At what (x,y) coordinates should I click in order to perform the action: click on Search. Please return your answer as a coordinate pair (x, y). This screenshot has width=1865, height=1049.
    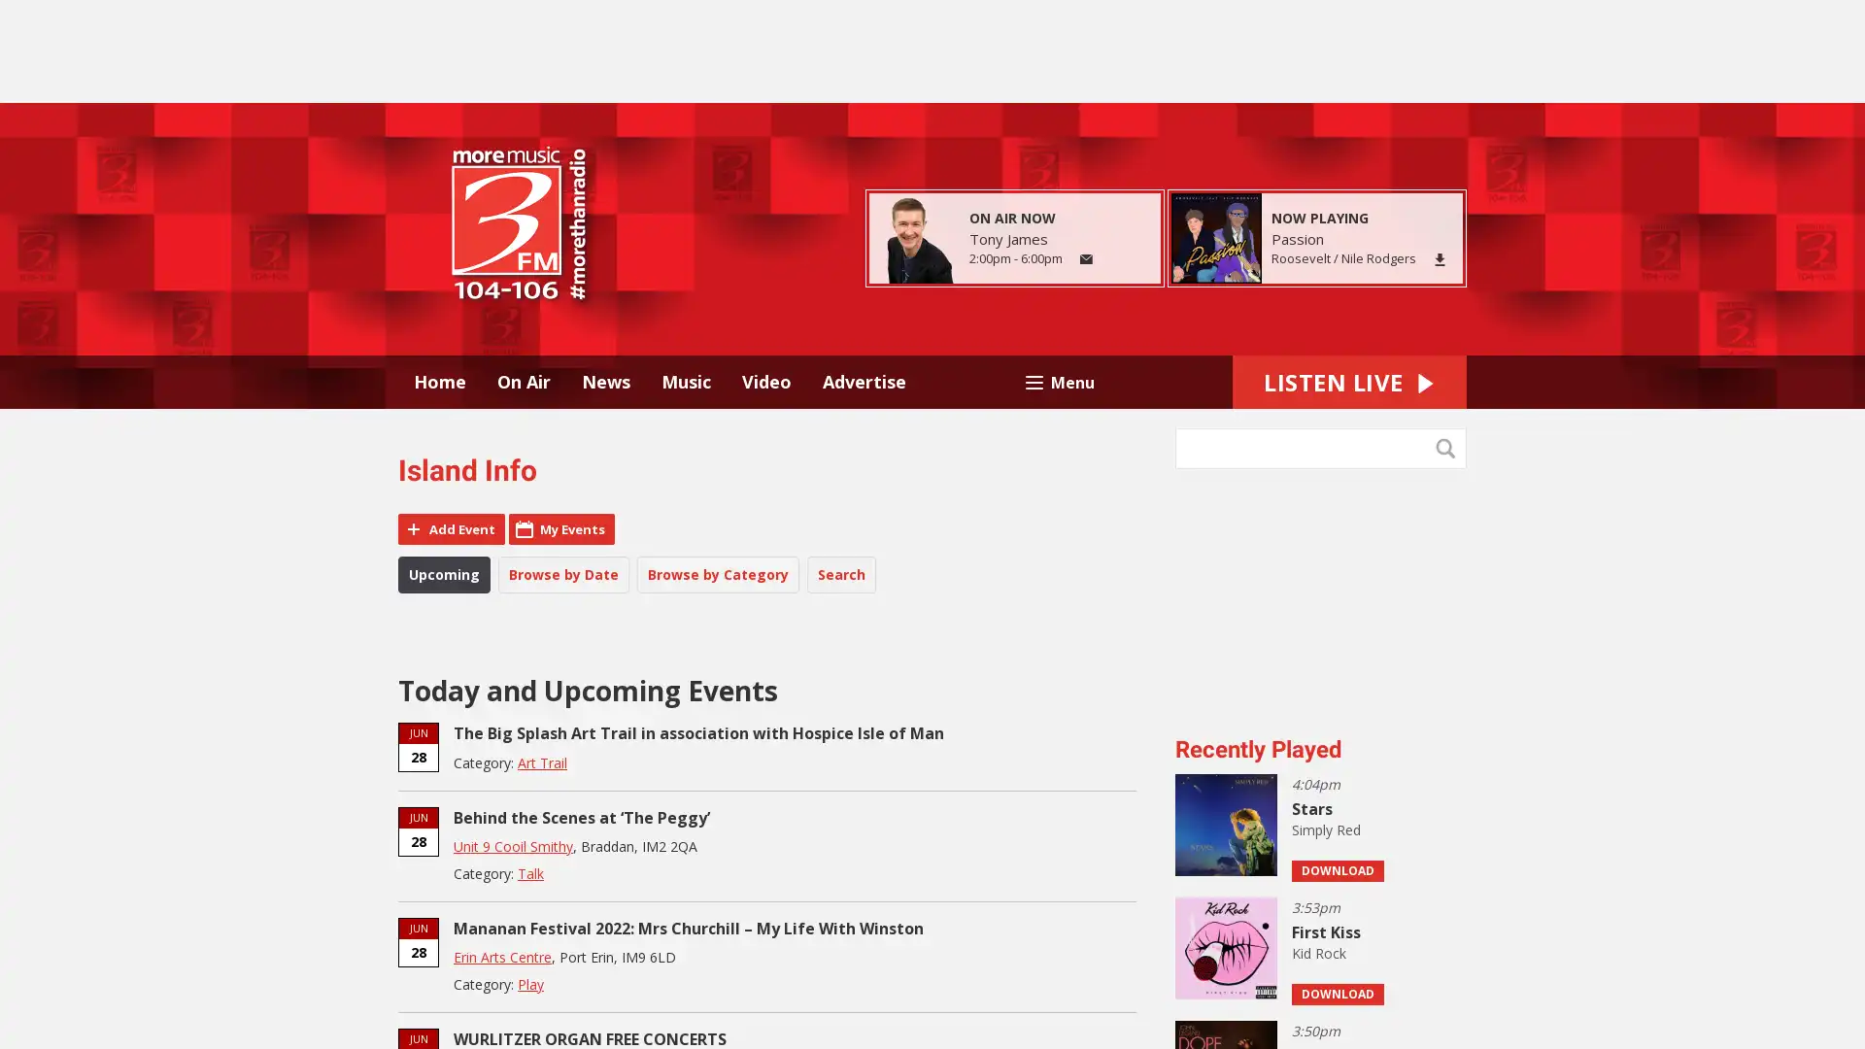
    Looking at the image, I should click on (1449, 448).